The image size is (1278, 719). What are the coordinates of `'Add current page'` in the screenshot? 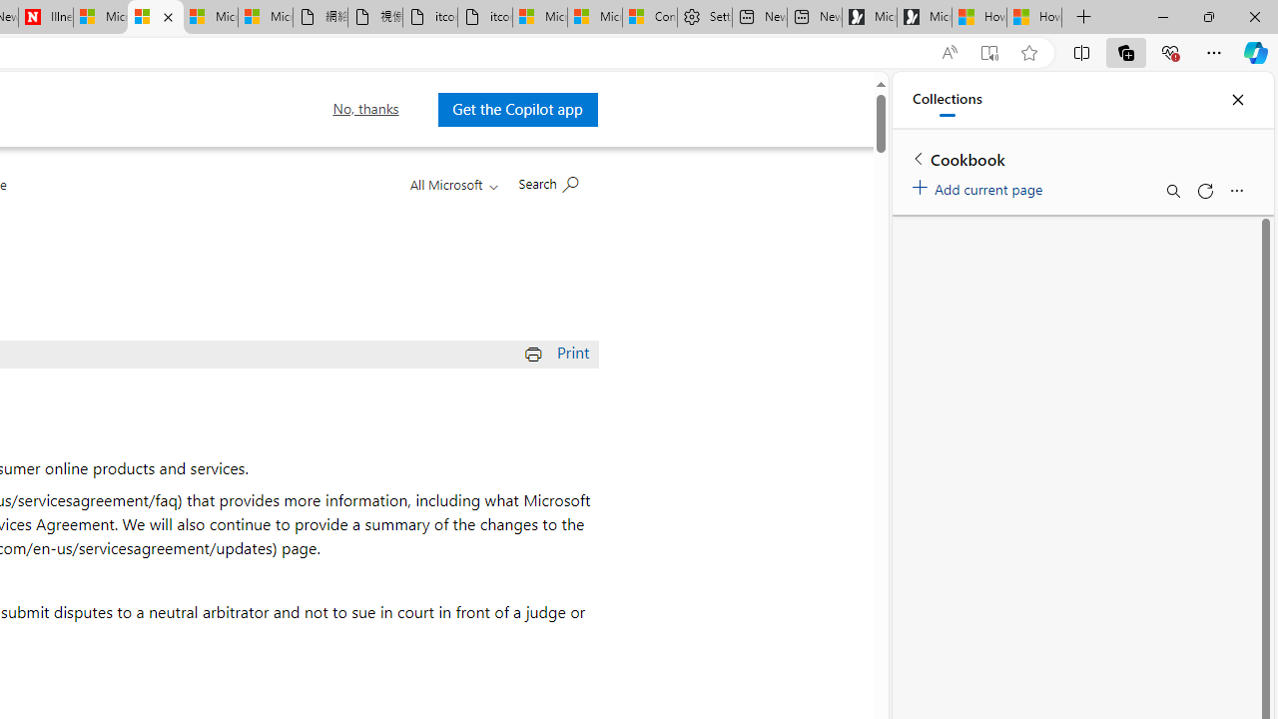 It's located at (981, 186).